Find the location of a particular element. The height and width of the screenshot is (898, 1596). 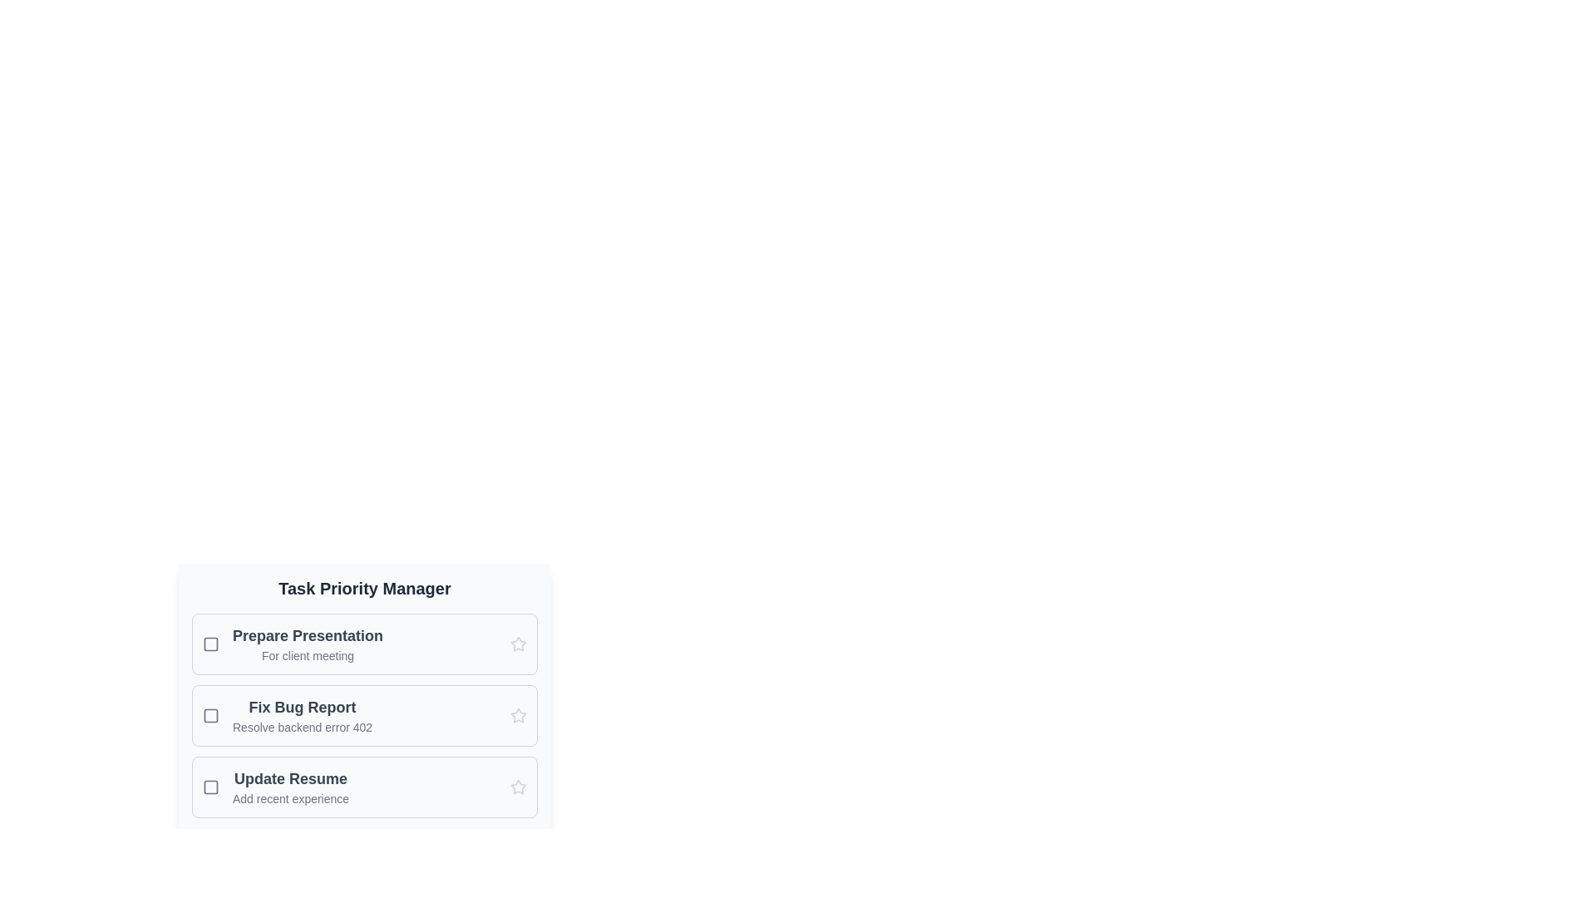

the star icon located at the far right of the 'Update Resume' task row in the task management panel is located at coordinates (518, 787).